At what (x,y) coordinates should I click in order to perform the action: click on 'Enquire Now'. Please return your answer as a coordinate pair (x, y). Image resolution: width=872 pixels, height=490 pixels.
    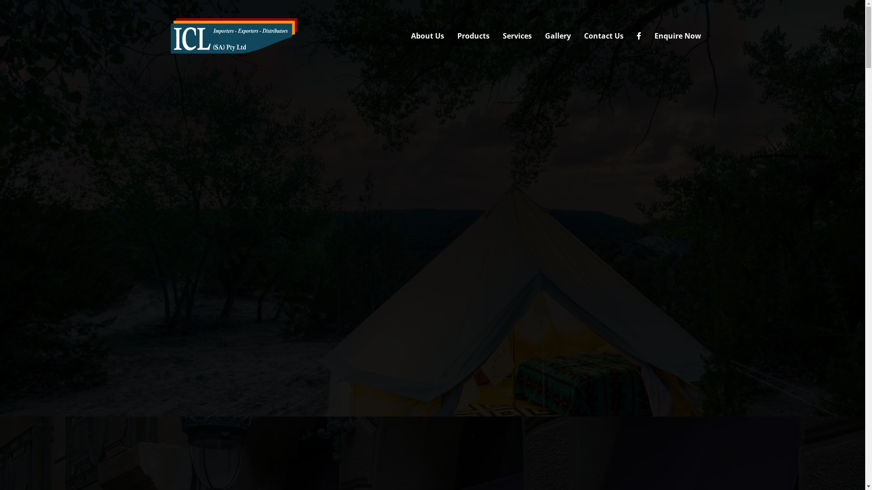
    Looking at the image, I should click on (677, 35).